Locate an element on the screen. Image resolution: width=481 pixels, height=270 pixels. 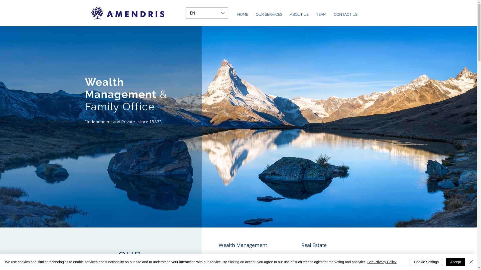
'OUR SERVICES' is located at coordinates (252, 14).